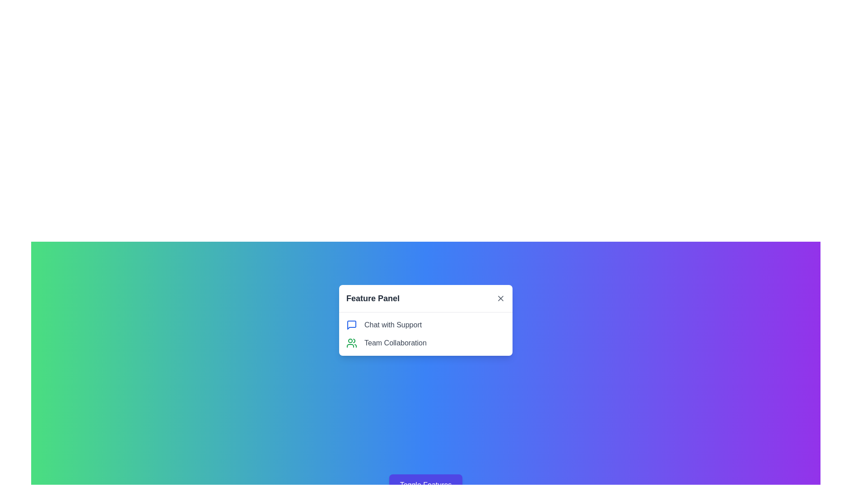 The height and width of the screenshot is (487, 867). Describe the element at coordinates (425, 334) in the screenshot. I see `the Grouped selectable items with icons and labels in the Feature Panel, which includes 'Chat with Support' and 'Team Collaboration'` at that location.